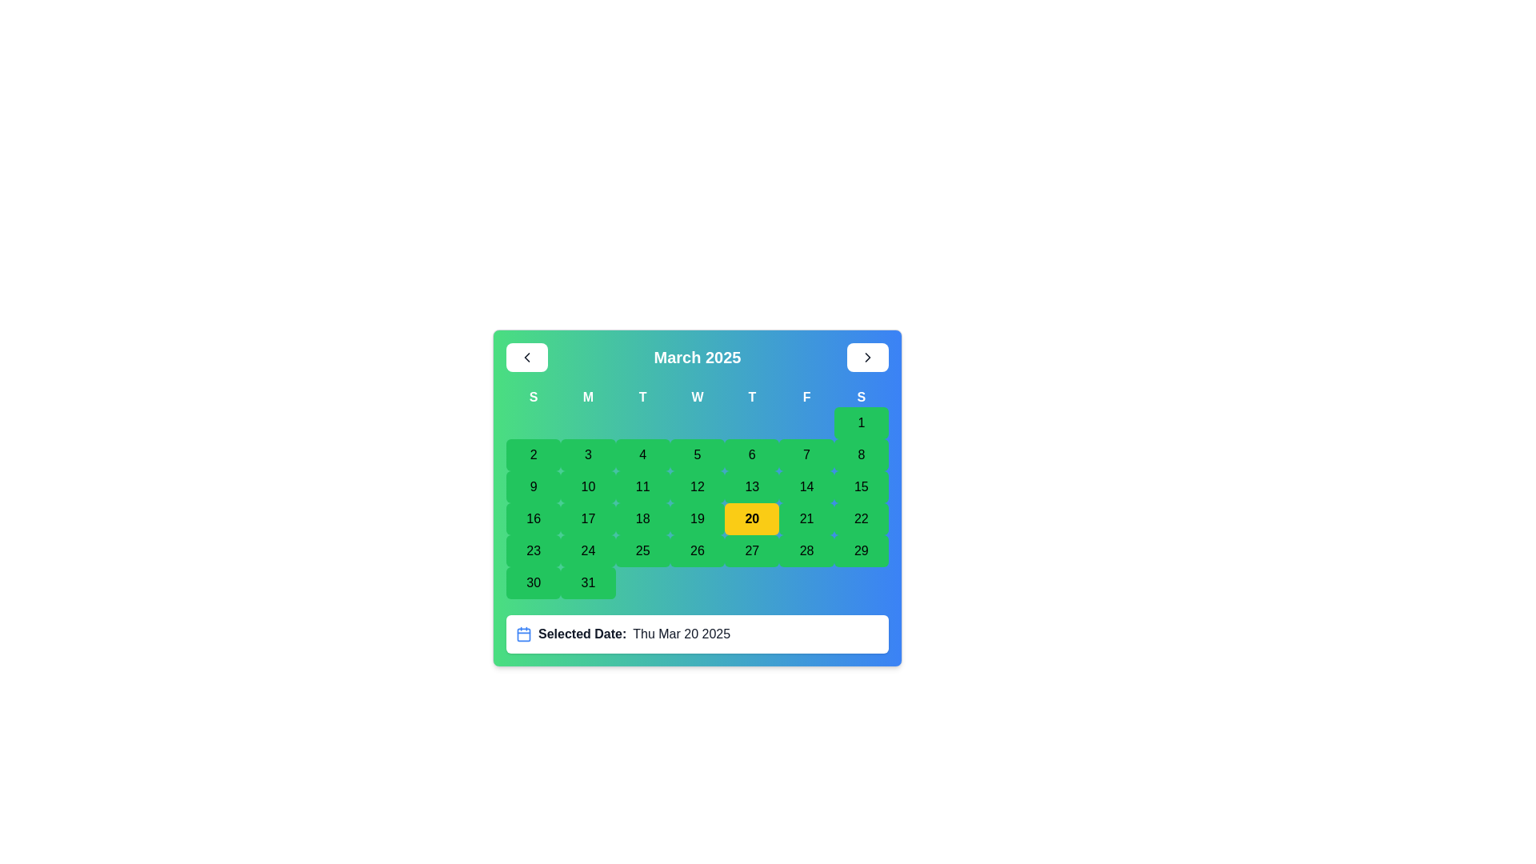 This screenshot has width=1536, height=864. Describe the element at coordinates (806, 397) in the screenshot. I see `the label representing Fridays in the calendar header, which is the sixth element from the left in a sequence of seven days` at that location.